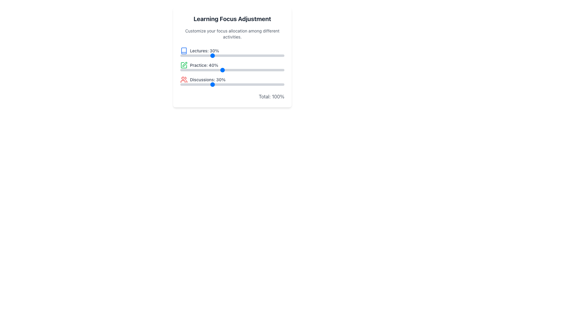 The width and height of the screenshot is (579, 325). Describe the element at coordinates (232, 66) in the screenshot. I see `the 'Practice: 40%' section which contains a green pencil icon and an interactive slider` at that location.